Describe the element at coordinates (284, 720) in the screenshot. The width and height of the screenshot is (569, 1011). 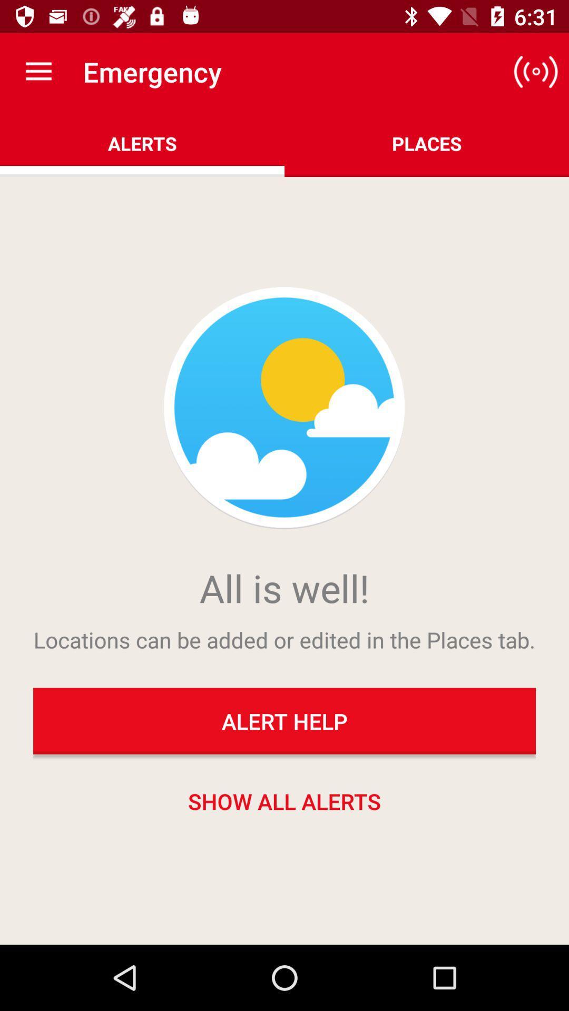
I see `the alert help item` at that location.